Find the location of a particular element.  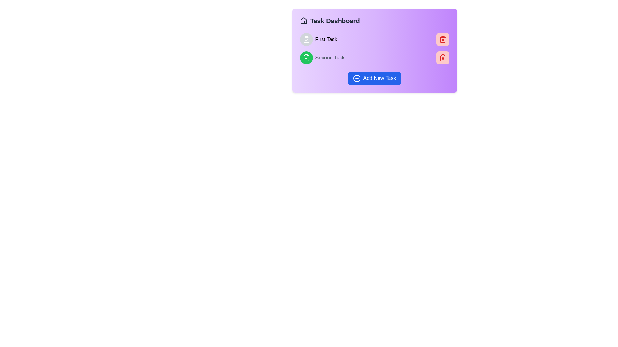

the green circular button icon that indicates the 'completed' status for the task adjacent to 'Second Task' in the 'Task Dashboard.' is located at coordinates (306, 58).